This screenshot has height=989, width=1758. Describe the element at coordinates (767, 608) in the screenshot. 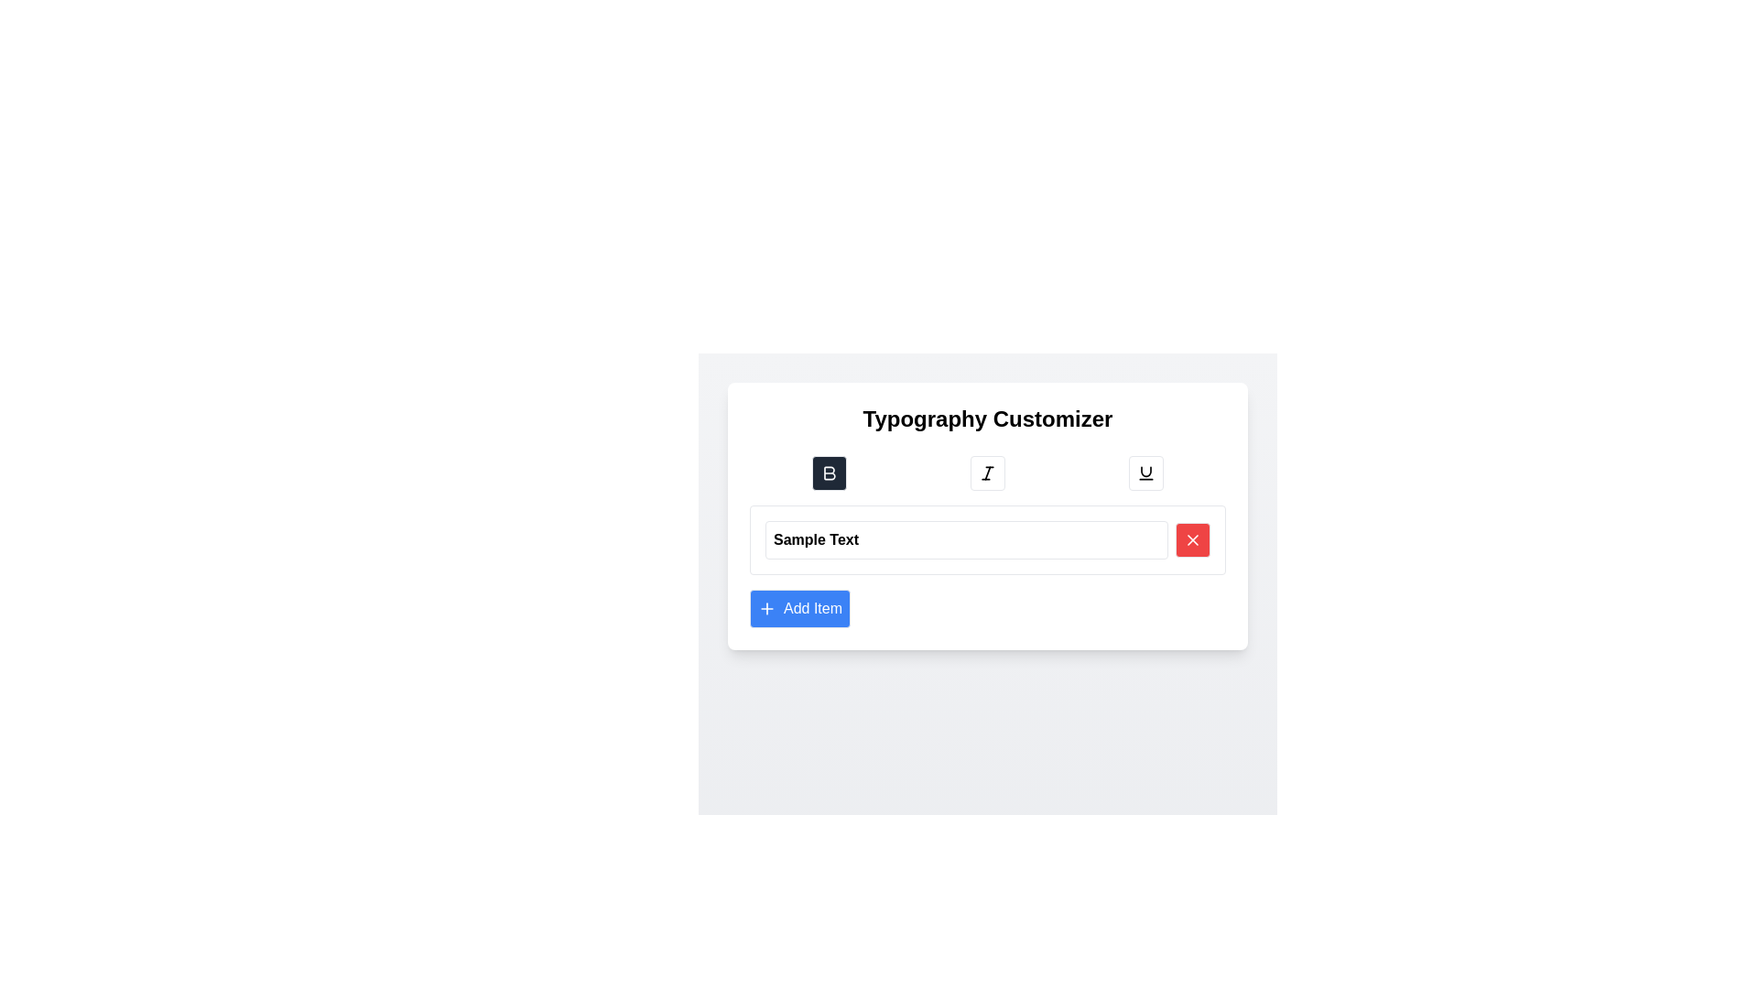

I see `the blue 'Add Item' button which contains the decorative icon positioned to the left of the text label 'Add Item'` at that location.